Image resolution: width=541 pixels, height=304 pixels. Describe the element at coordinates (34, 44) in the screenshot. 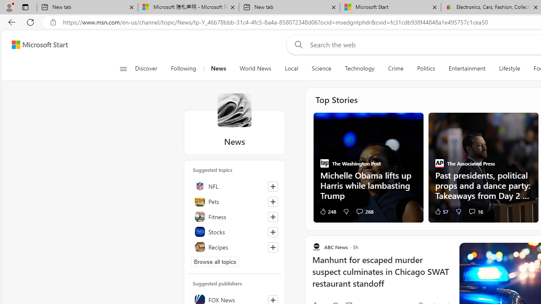

I see `'Skip to footer'` at that location.